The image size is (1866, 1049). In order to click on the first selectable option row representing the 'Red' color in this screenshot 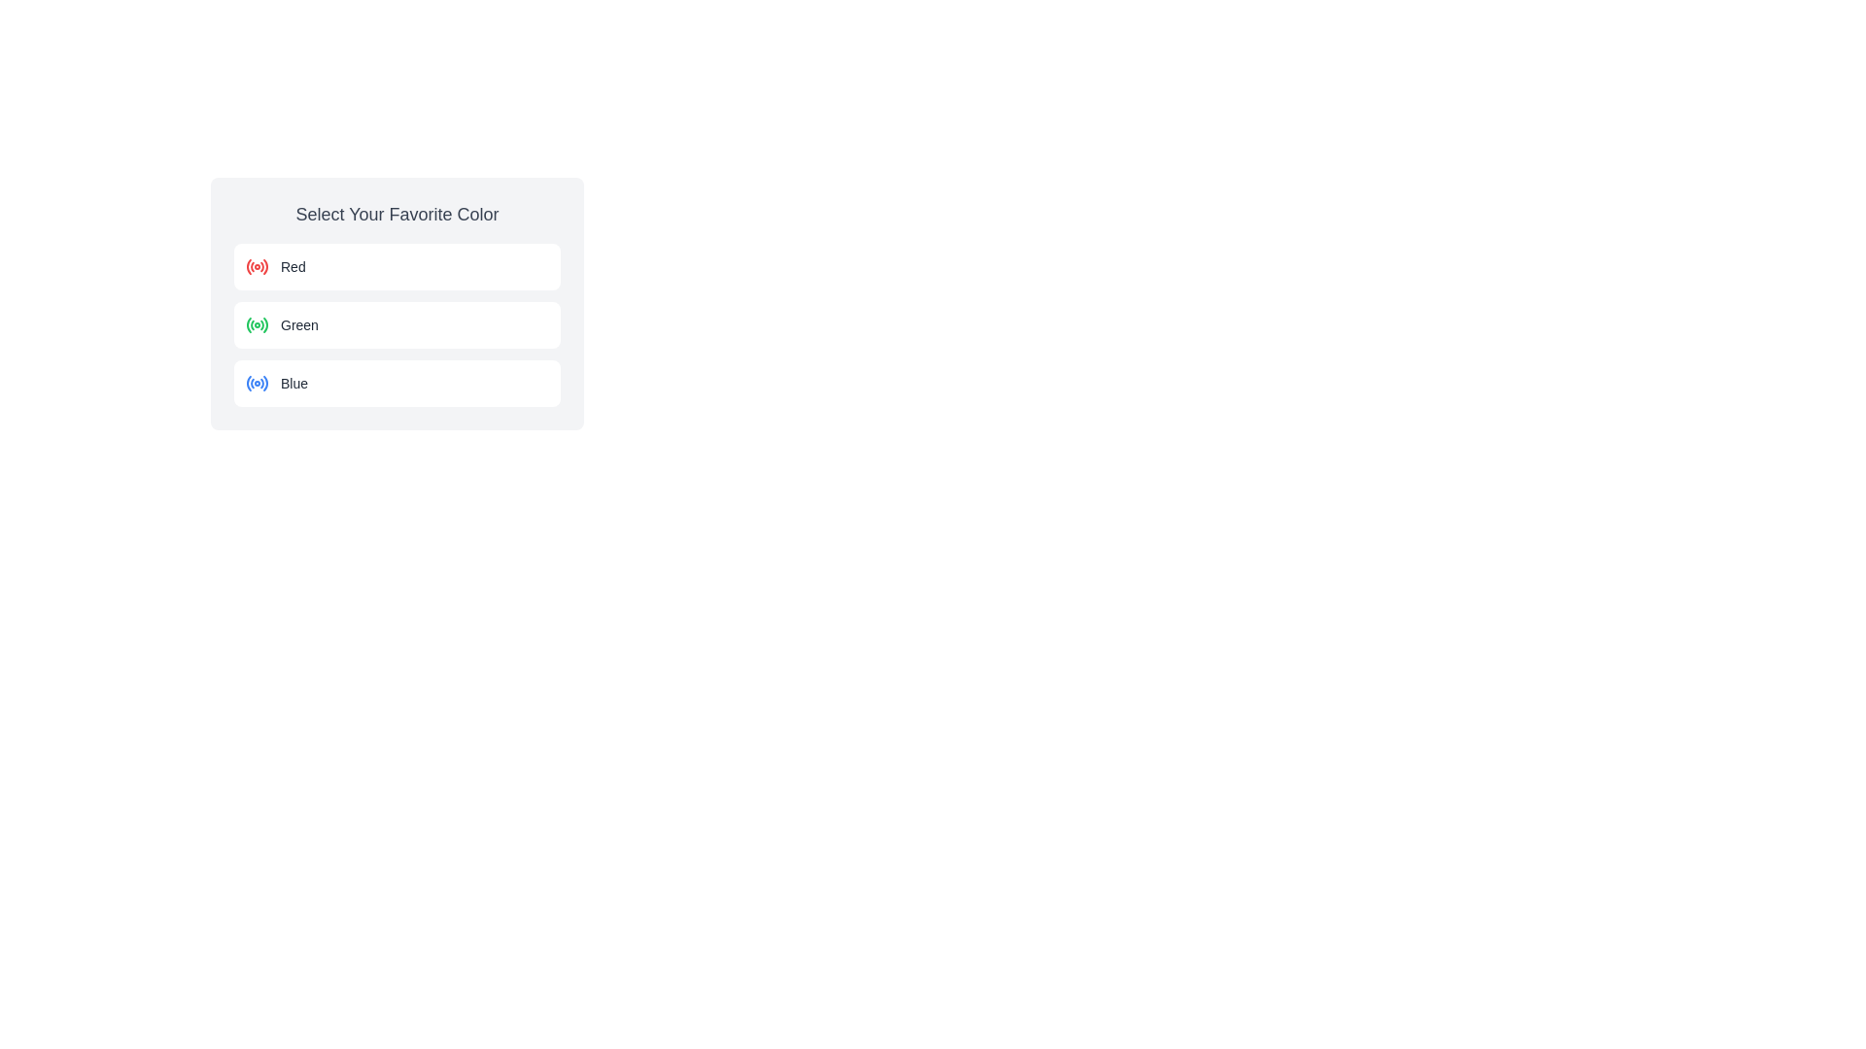, I will do `click(396, 266)`.